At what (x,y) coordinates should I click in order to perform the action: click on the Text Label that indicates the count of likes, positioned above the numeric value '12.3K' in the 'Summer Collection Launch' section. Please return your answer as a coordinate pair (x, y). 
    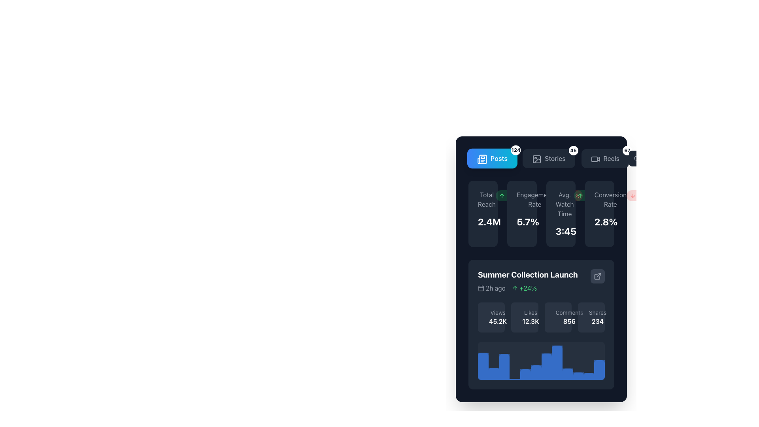
    Looking at the image, I should click on (531, 312).